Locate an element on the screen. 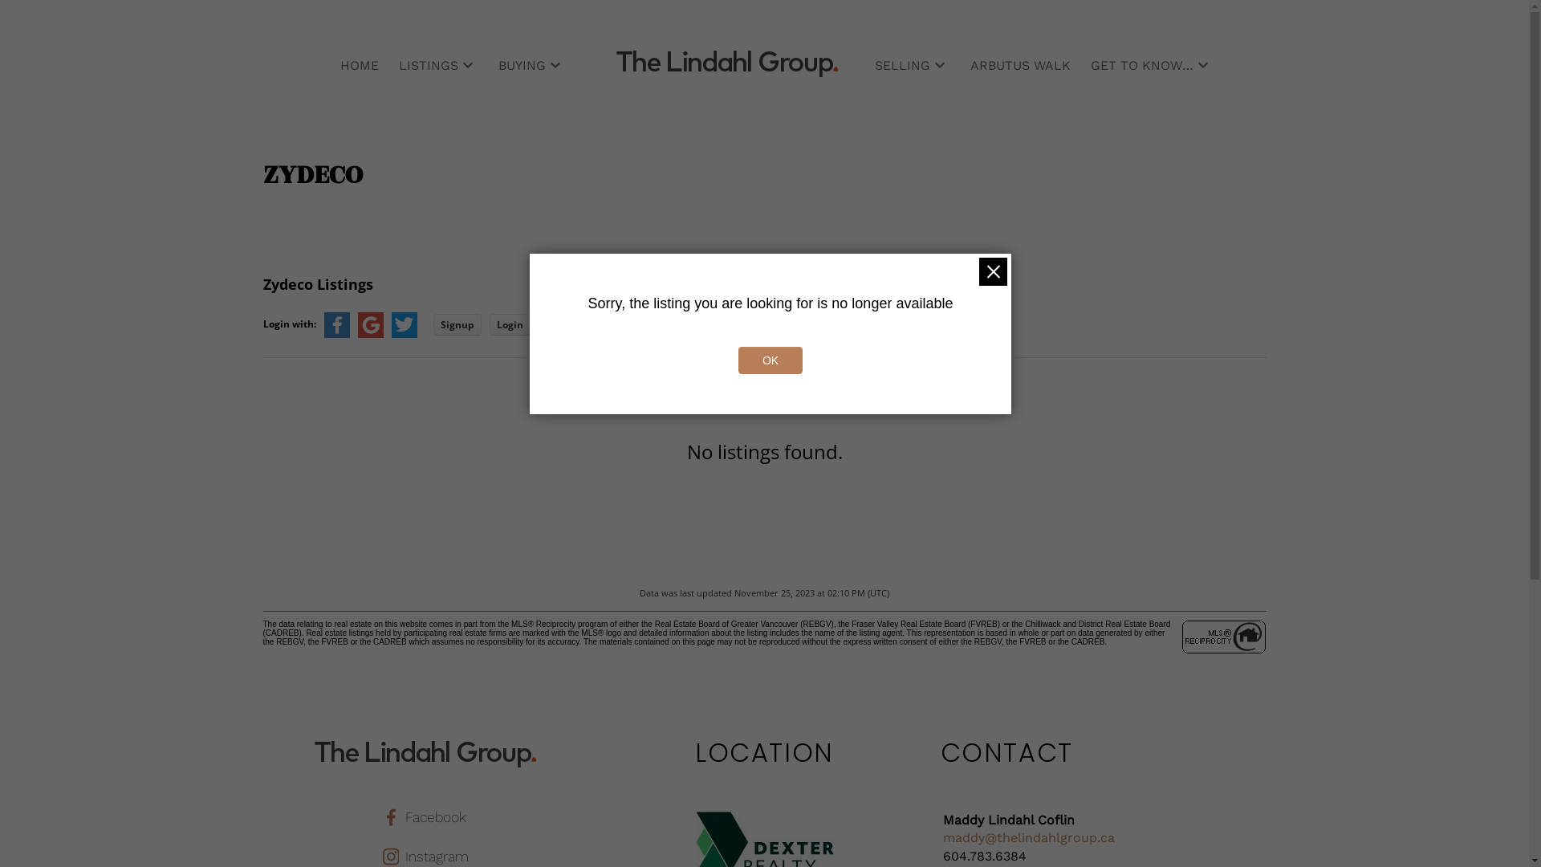 The image size is (1541, 867). 'HOME' is located at coordinates (358, 67).